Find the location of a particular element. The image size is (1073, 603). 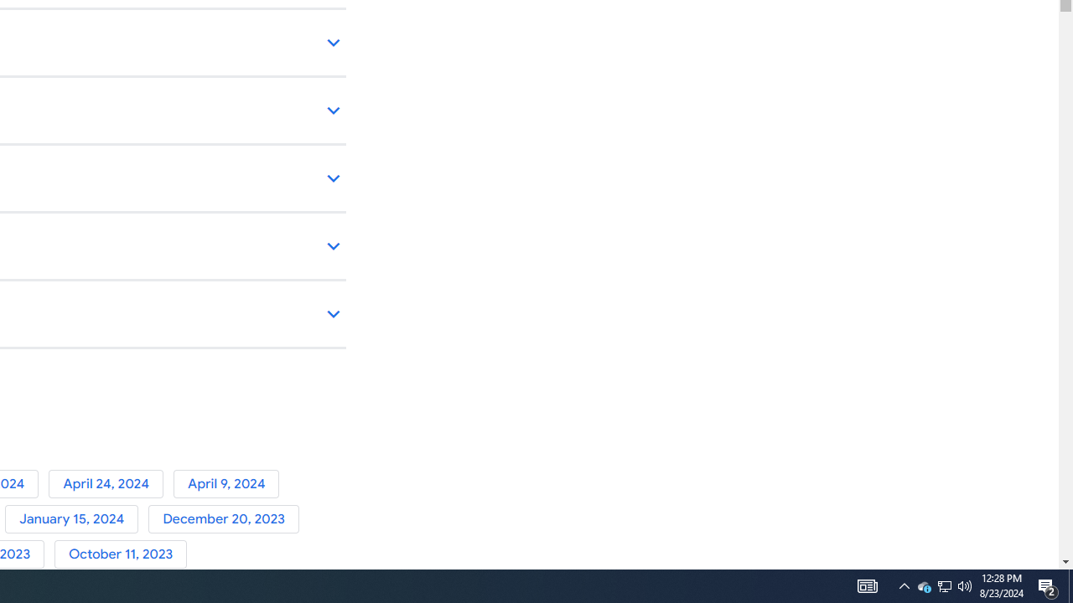

'December 20, 2023' is located at coordinates (225, 518).